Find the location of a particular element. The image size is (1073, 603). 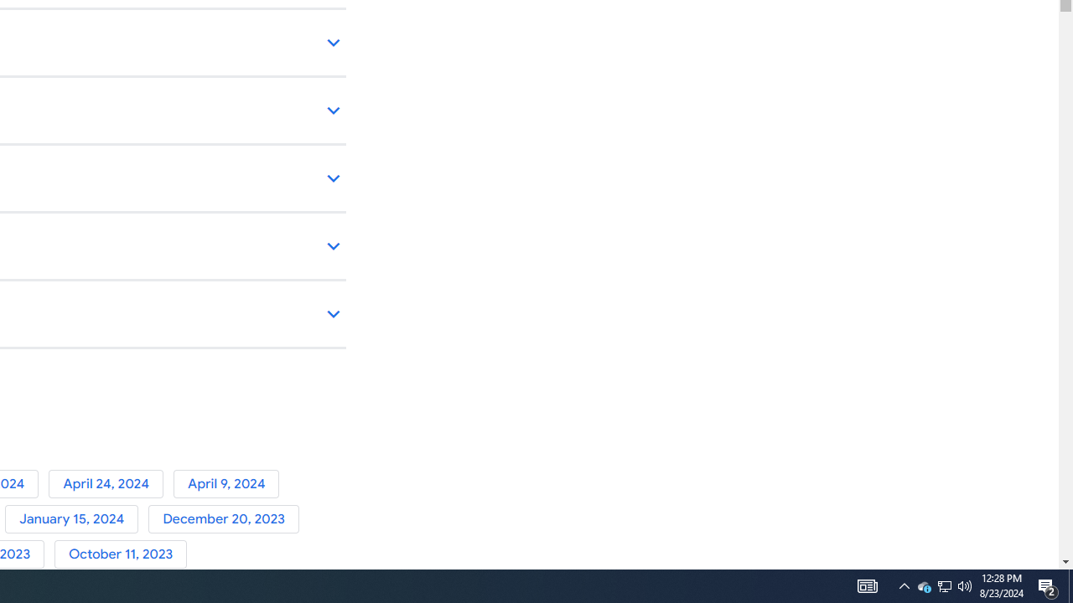

'December 20, 2023' is located at coordinates (225, 518).